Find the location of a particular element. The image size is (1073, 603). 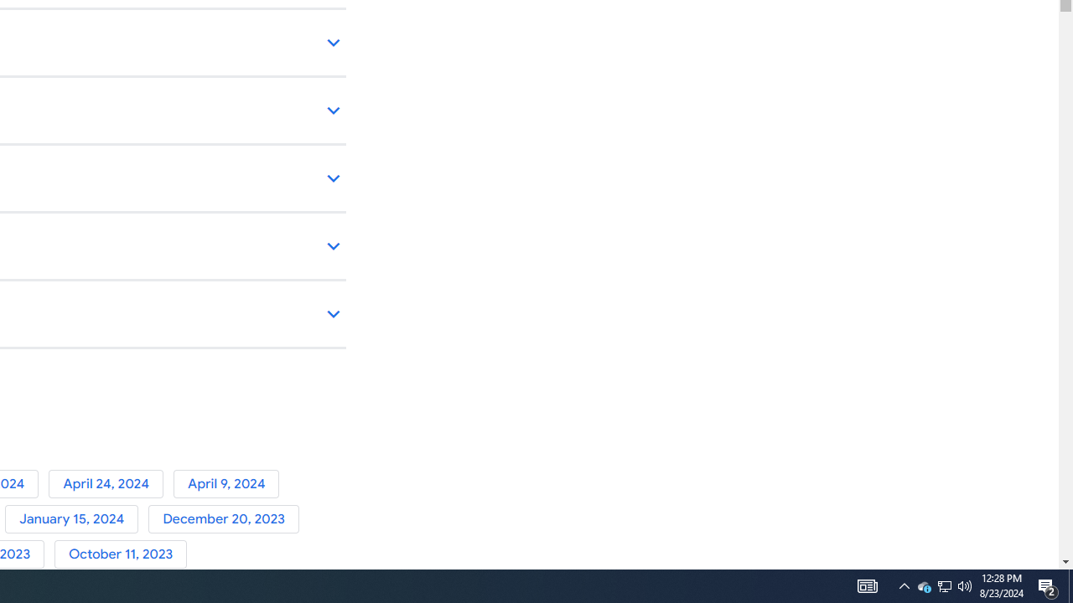

'December 20, 2023' is located at coordinates (225, 518).